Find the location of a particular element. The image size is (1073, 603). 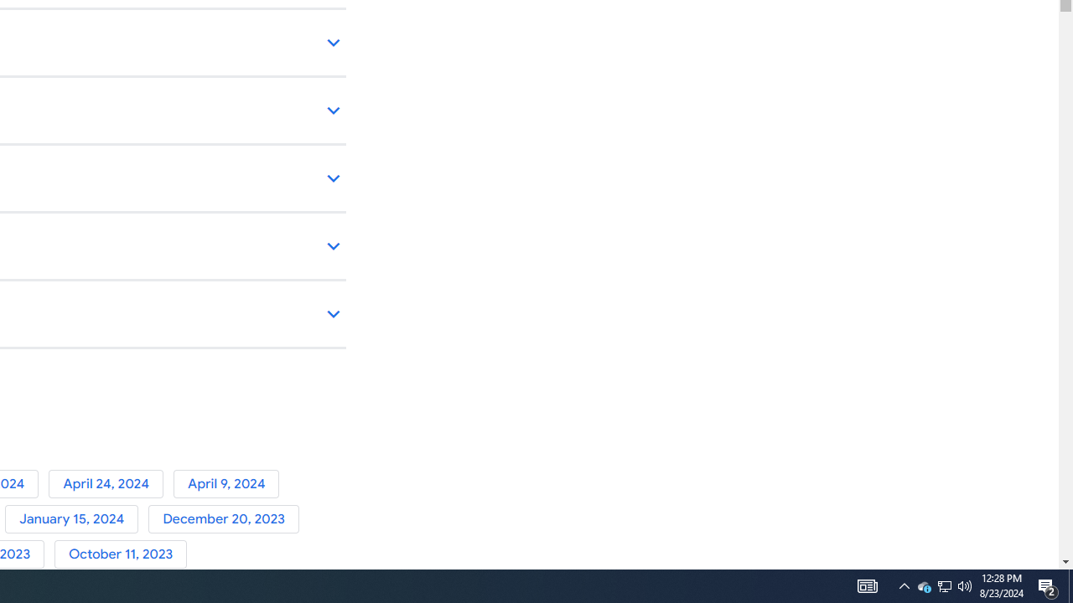

'December 20, 2023' is located at coordinates (225, 518).